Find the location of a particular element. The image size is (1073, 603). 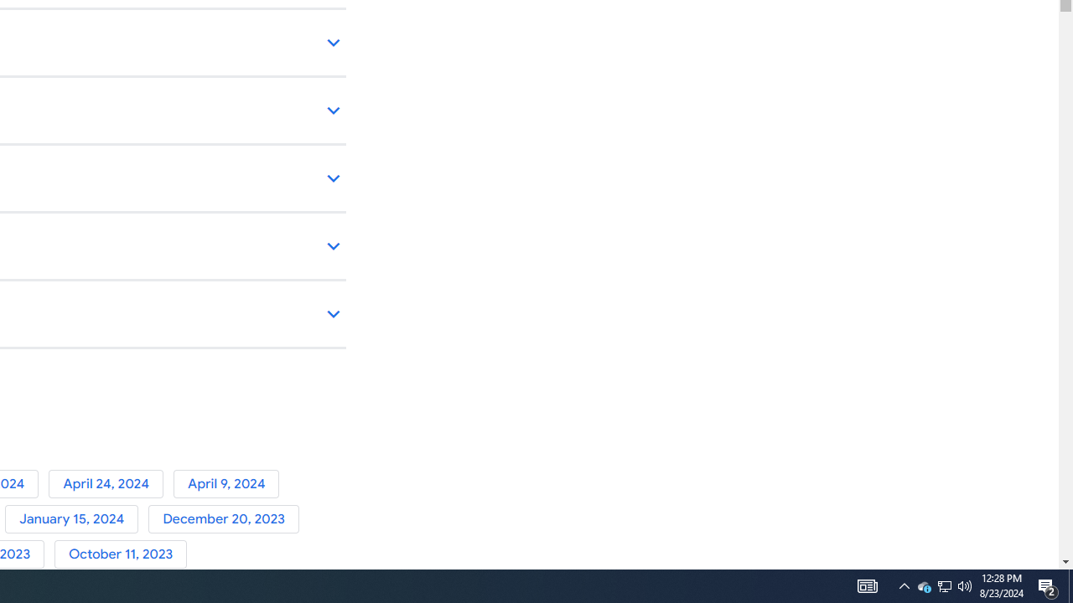

'December 20, 2023' is located at coordinates (225, 518).